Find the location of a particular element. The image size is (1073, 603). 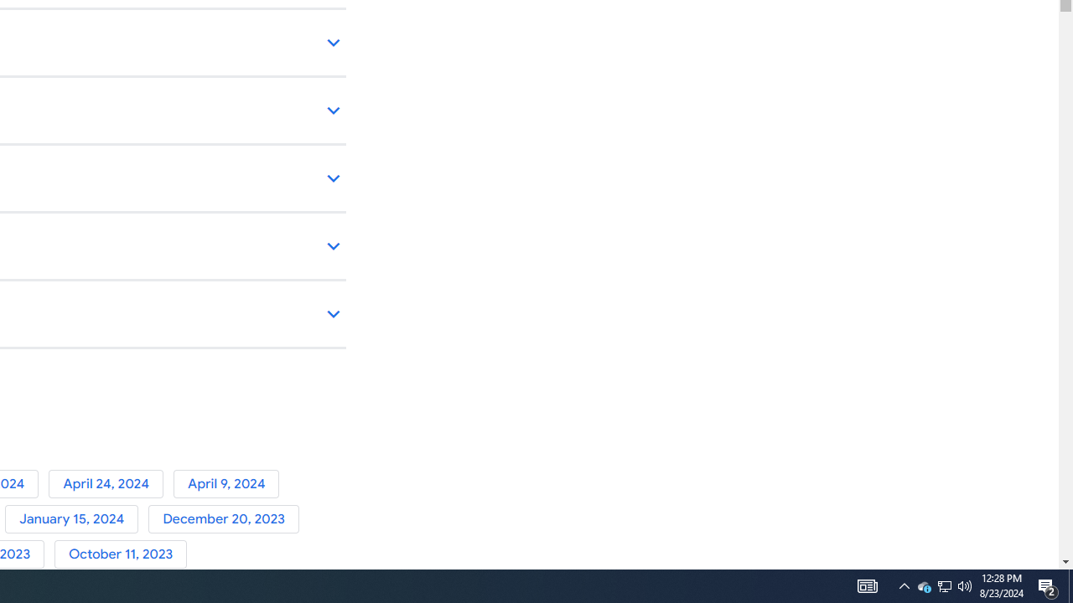

'December 20, 2023' is located at coordinates (225, 518).